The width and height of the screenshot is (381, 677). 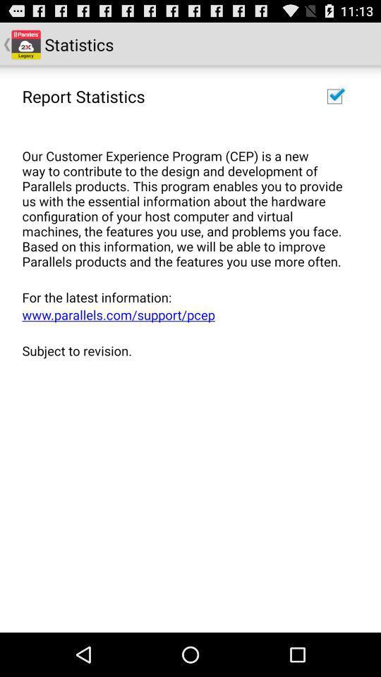 I want to click on item above our customer experience, so click(x=334, y=95).